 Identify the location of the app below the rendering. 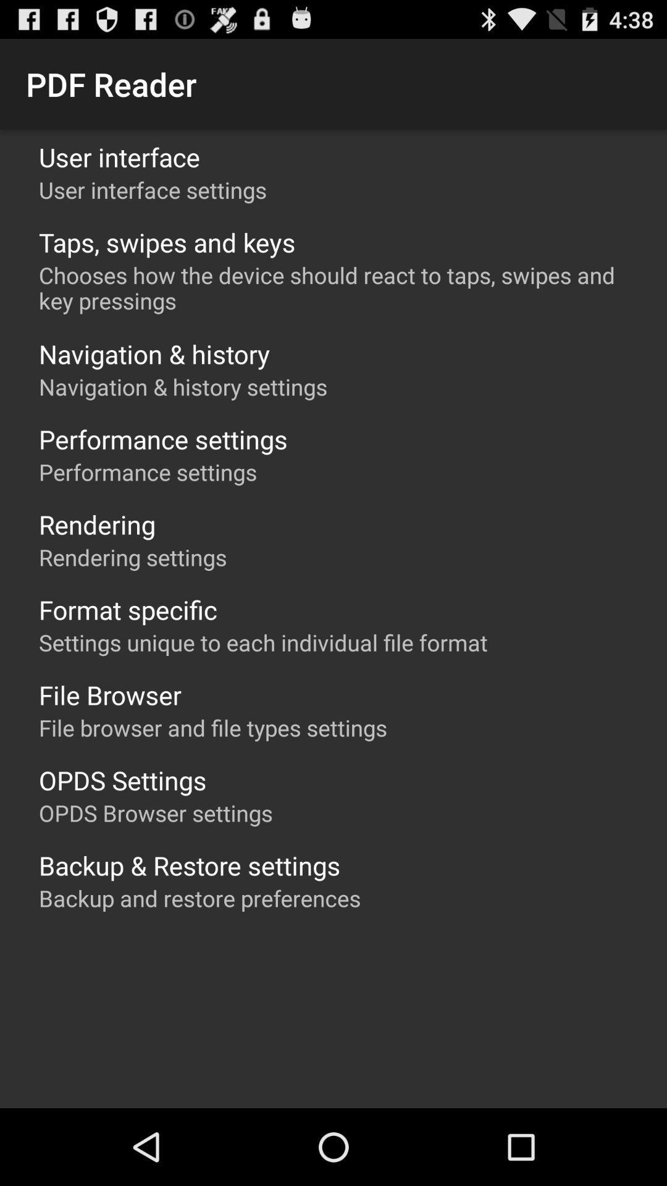
(133, 557).